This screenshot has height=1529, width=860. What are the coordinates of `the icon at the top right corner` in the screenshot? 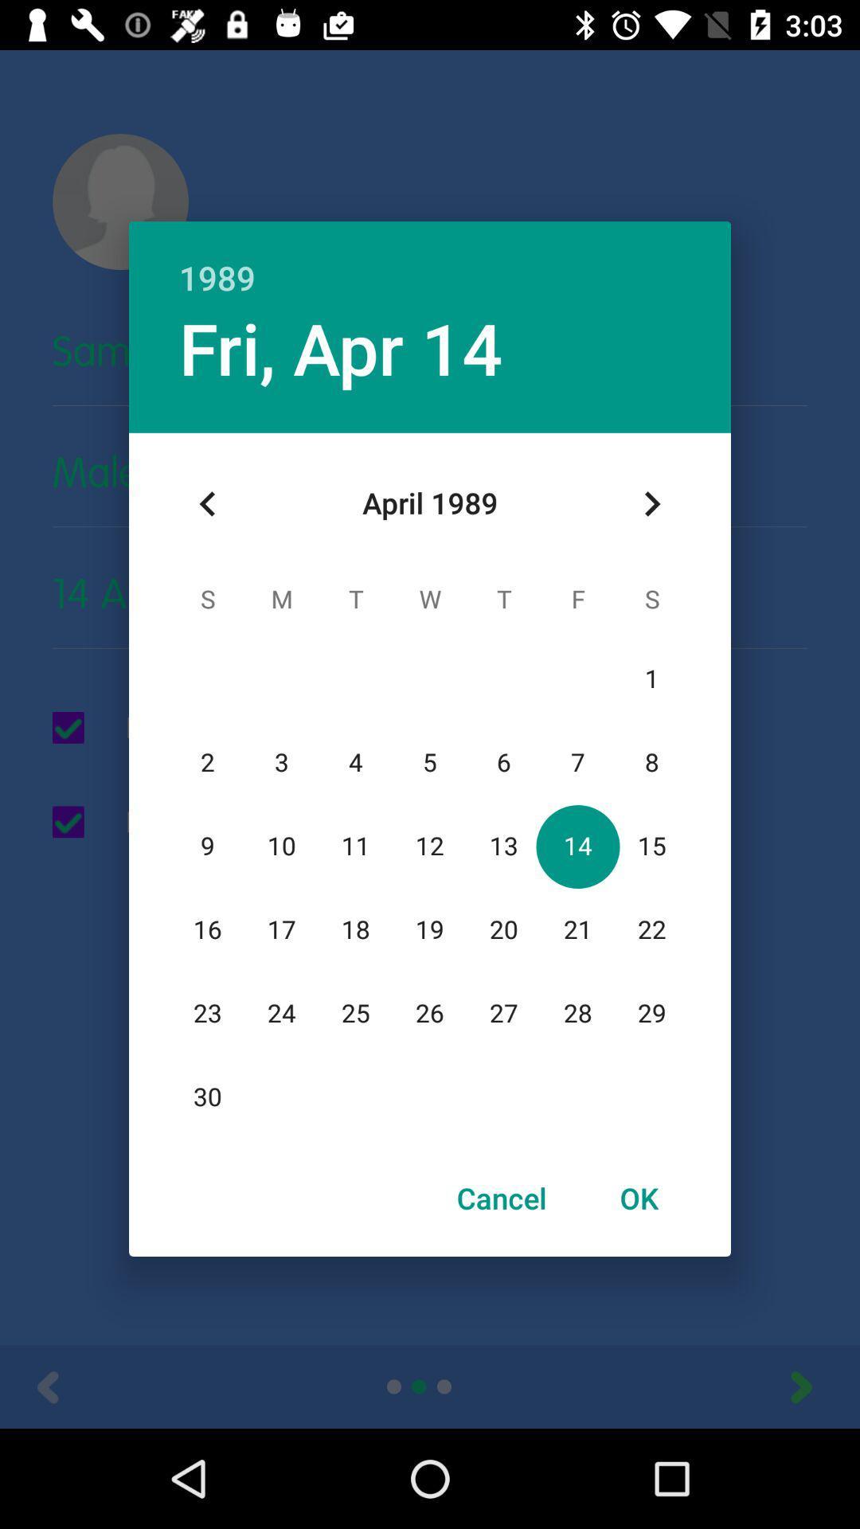 It's located at (651, 503).